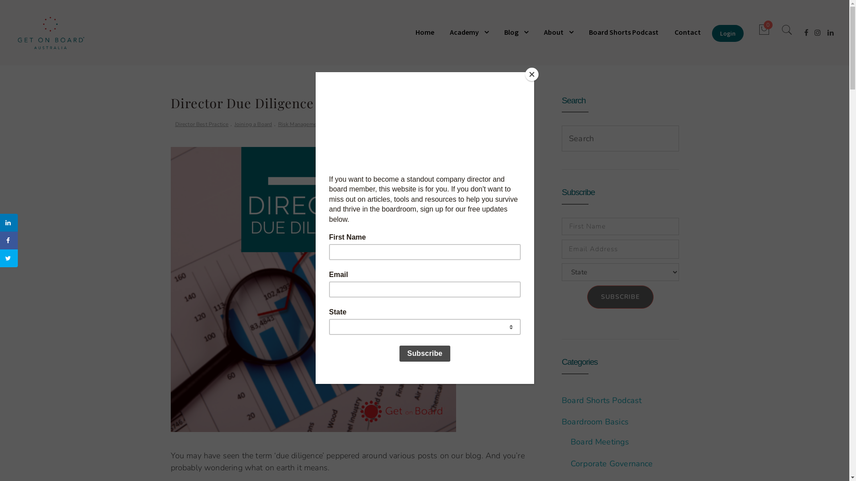 This screenshot has width=856, height=481. Describe the element at coordinates (443, 32) in the screenshot. I see `'Academy'` at that location.